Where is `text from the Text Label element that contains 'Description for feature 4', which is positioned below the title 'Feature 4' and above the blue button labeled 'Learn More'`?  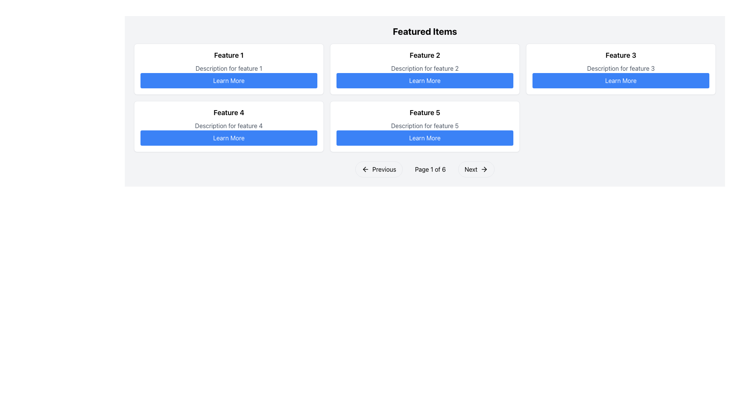 text from the Text Label element that contains 'Description for feature 4', which is positioned below the title 'Feature 4' and above the blue button labeled 'Learn More' is located at coordinates (229, 125).